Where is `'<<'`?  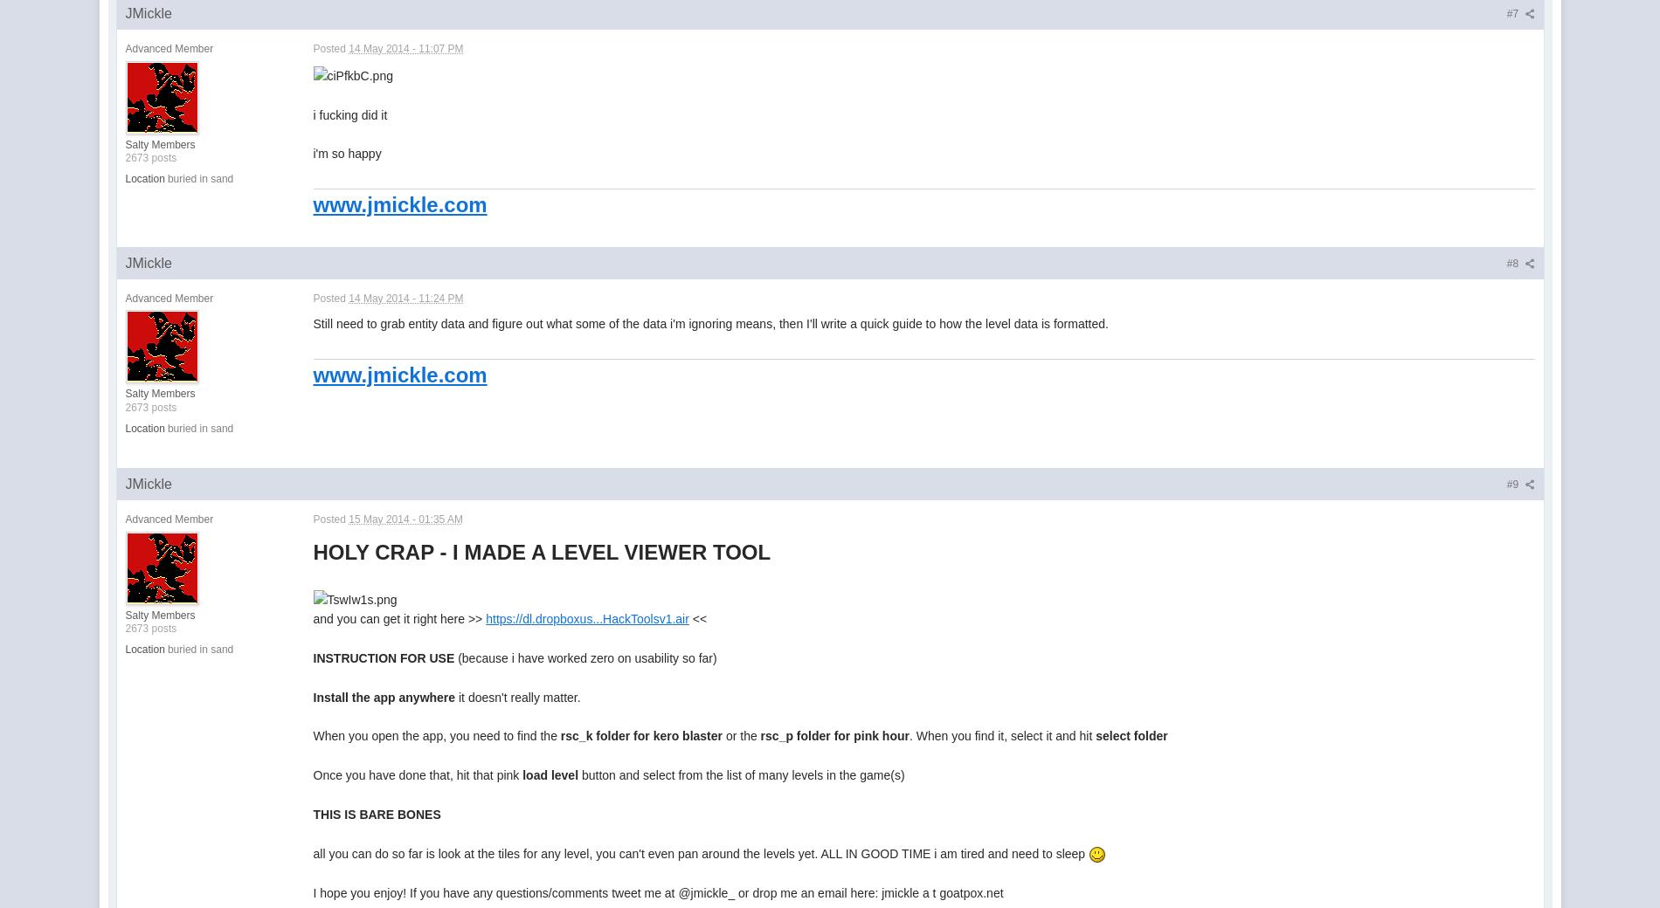
'<<' is located at coordinates (696, 618).